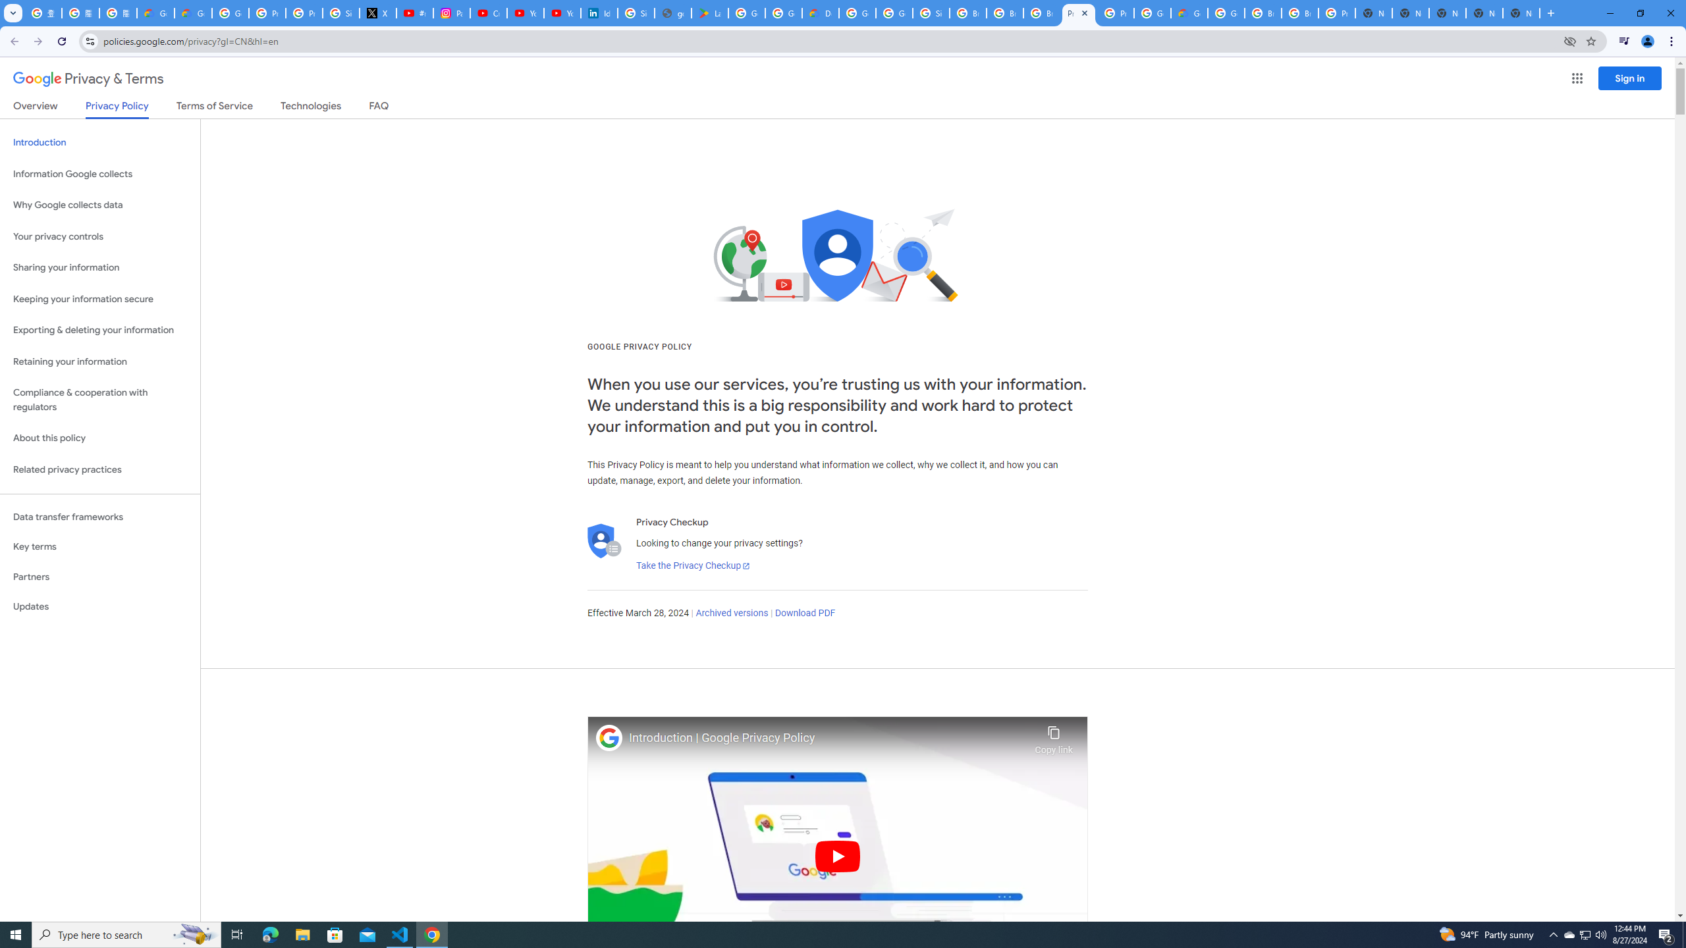  What do you see at coordinates (731, 612) in the screenshot?
I see `'Archived versions'` at bounding box center [731, 612].